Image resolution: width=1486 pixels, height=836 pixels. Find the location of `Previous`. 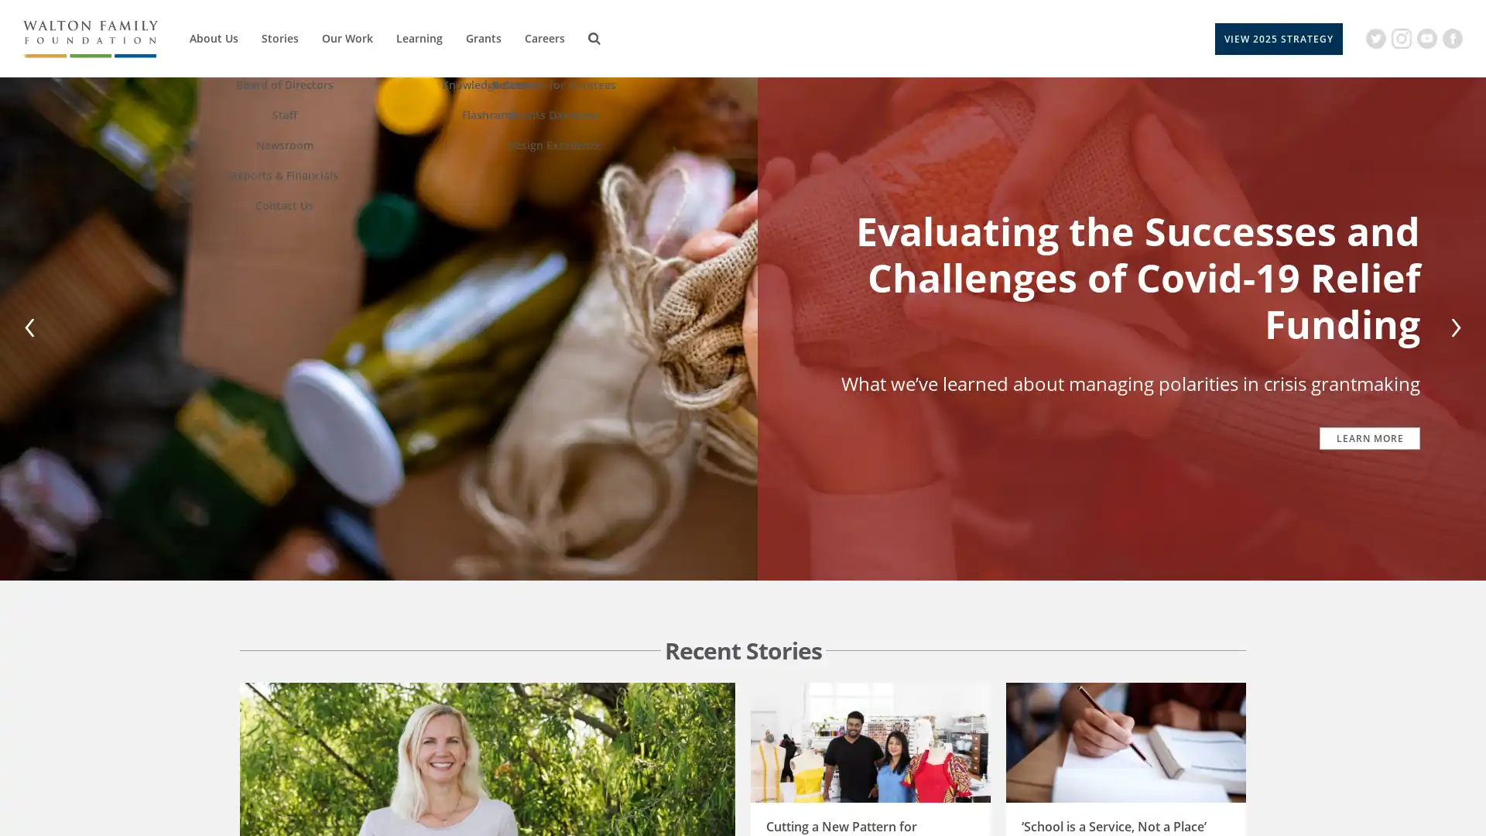

Previous is located at coordinates (33, 327).